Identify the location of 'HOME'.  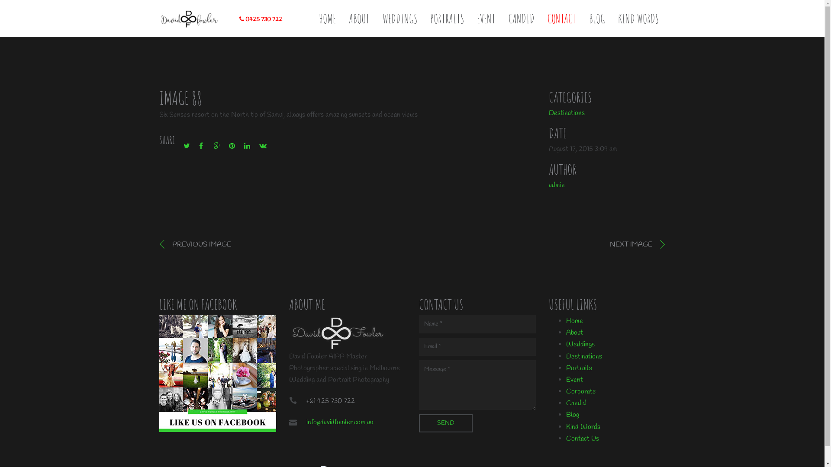
(319, 19).